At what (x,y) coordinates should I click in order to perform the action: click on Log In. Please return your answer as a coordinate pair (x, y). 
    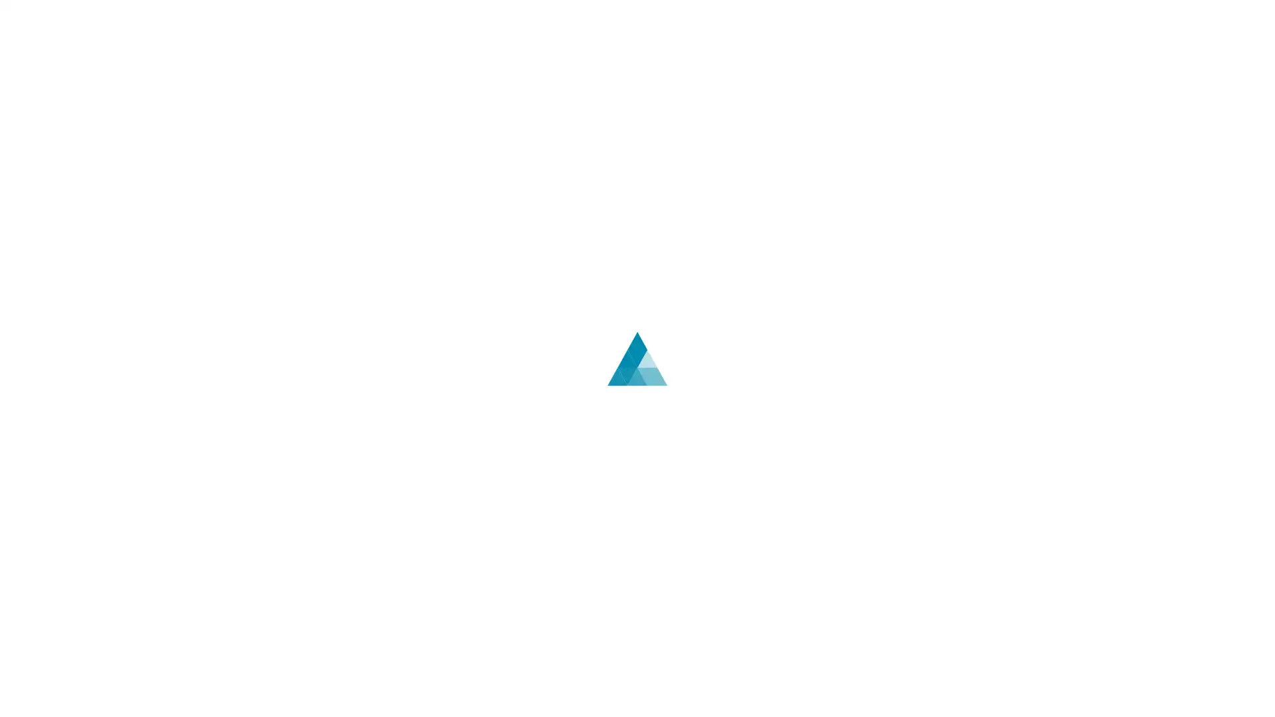
    Looking at the image, I should click on (507, 438).